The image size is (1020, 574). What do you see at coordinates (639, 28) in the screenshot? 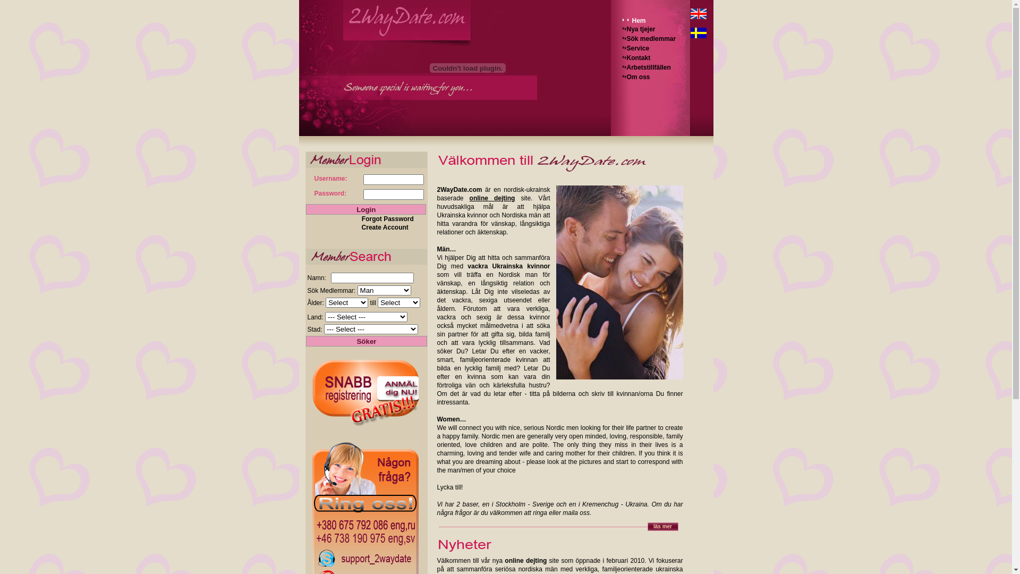
I see `'Nya tjejer'` at bounding box center [639, 28].